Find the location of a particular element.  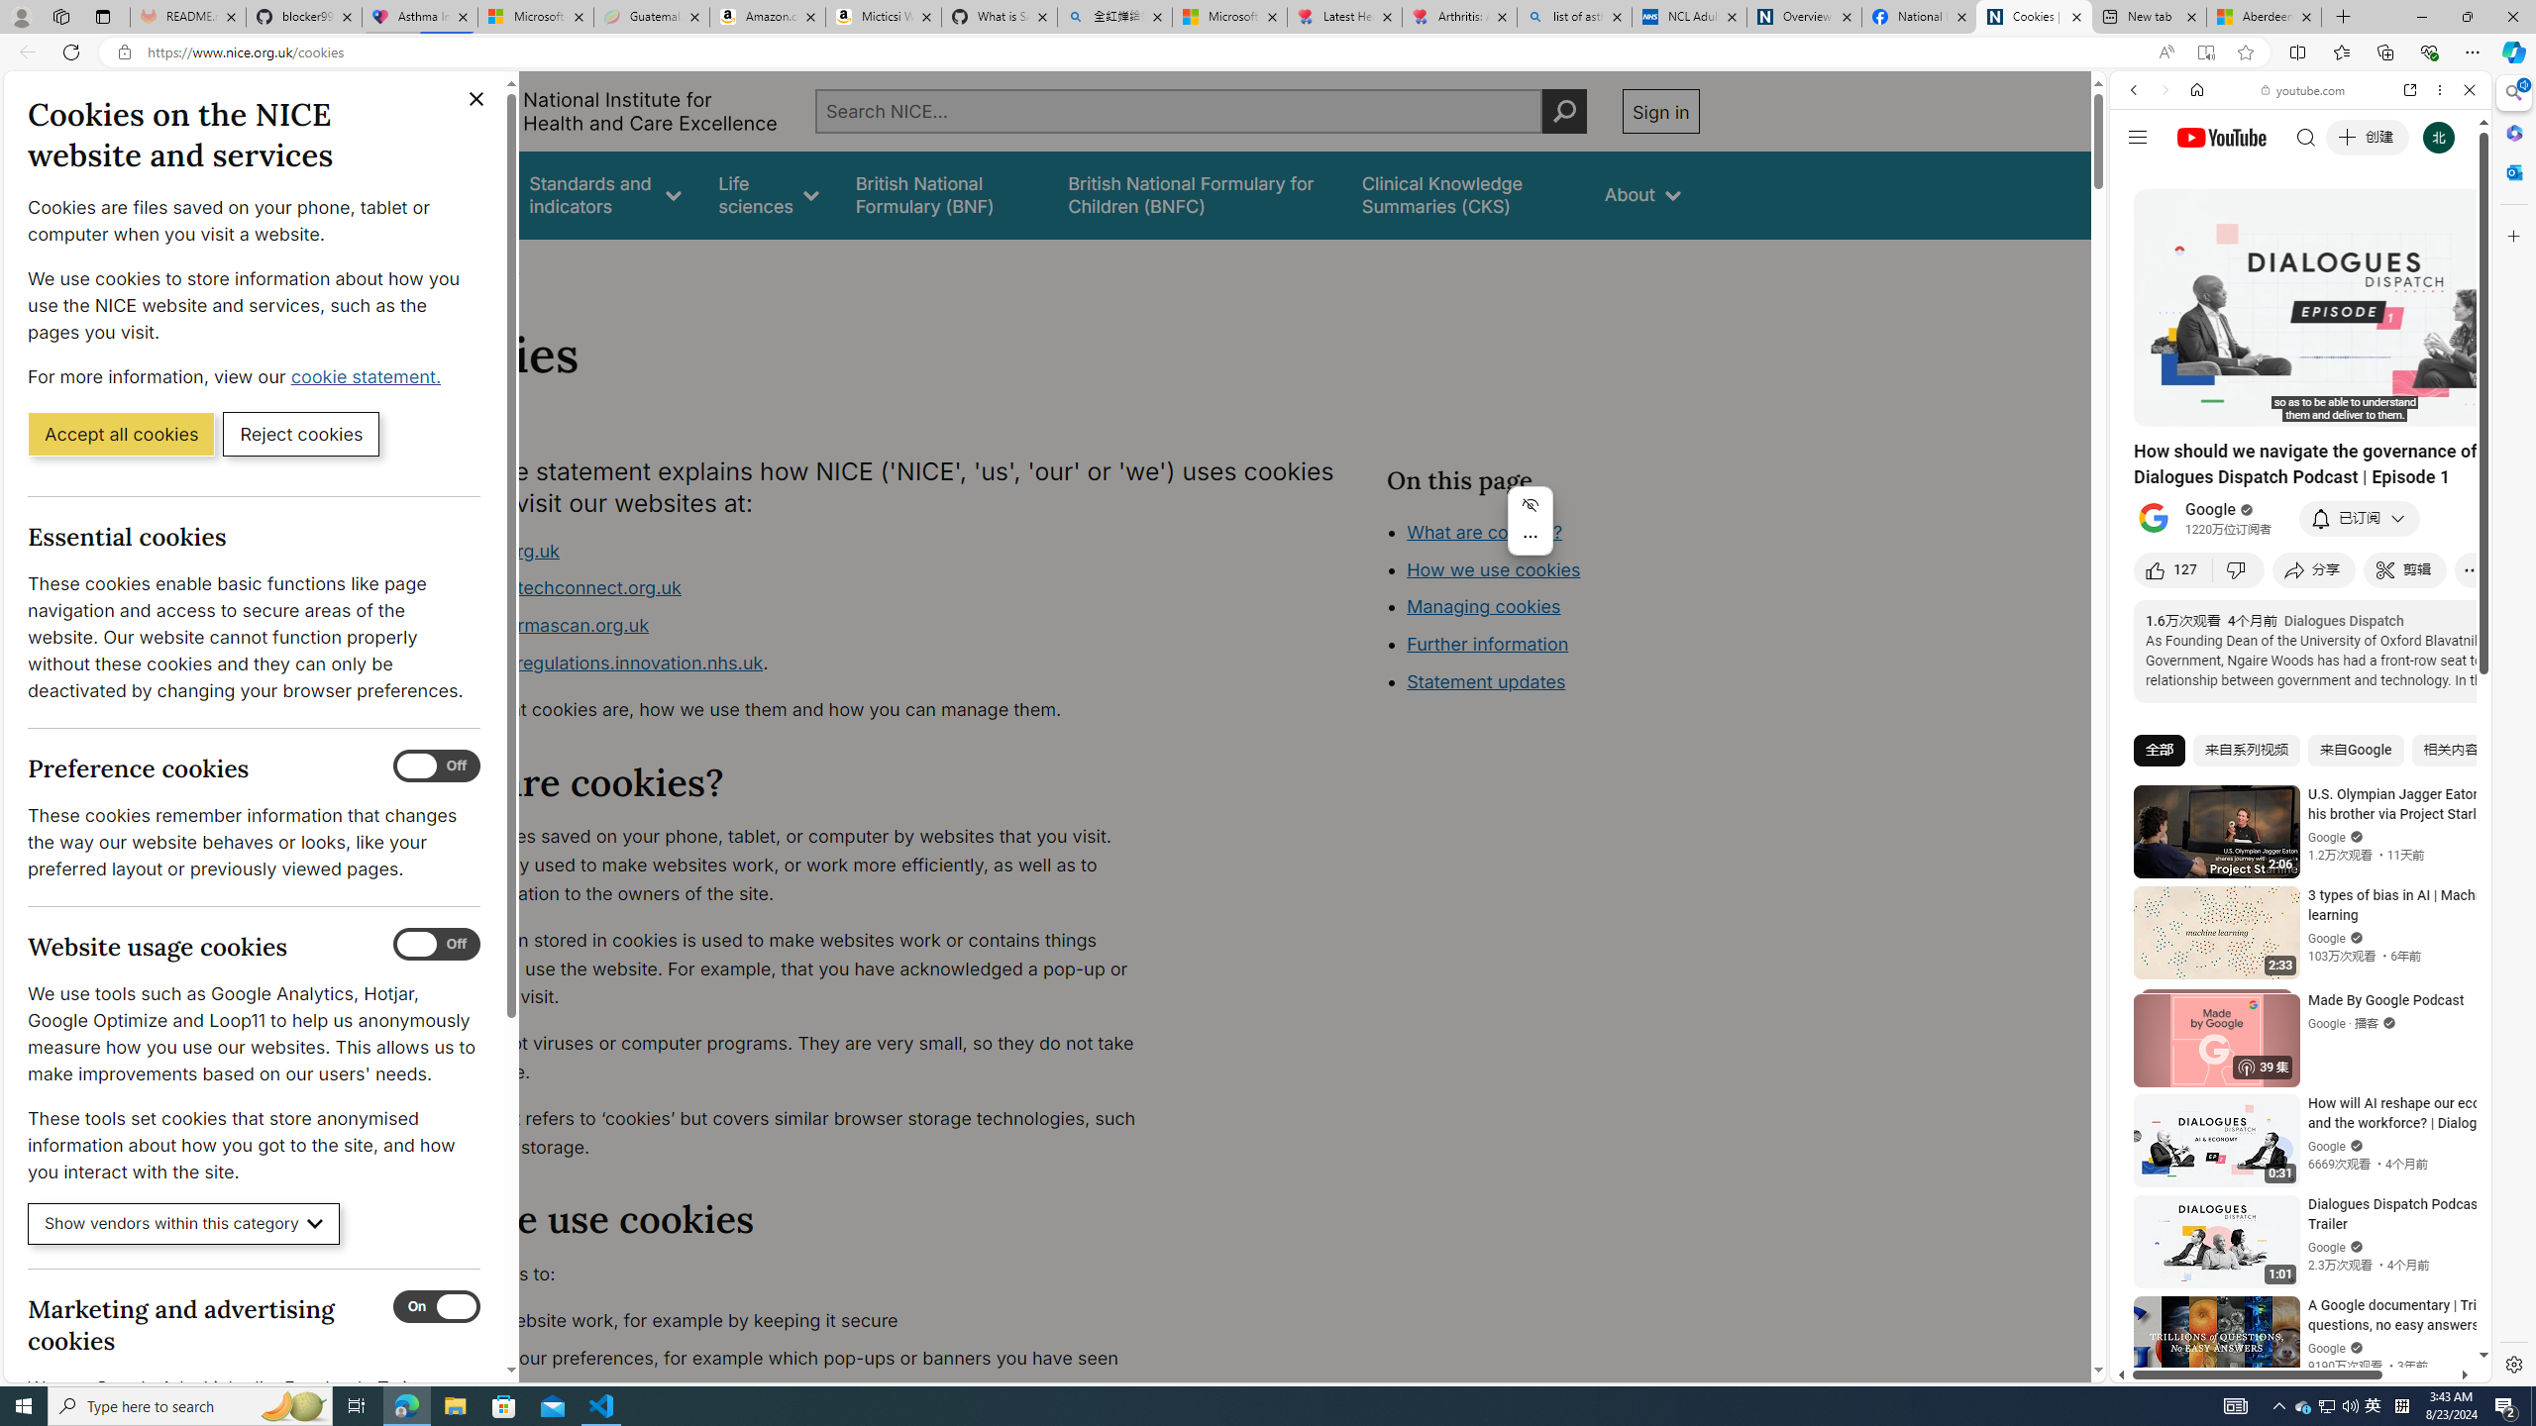

'Mini menu on text selection' is located at coordinates (1530, 520).